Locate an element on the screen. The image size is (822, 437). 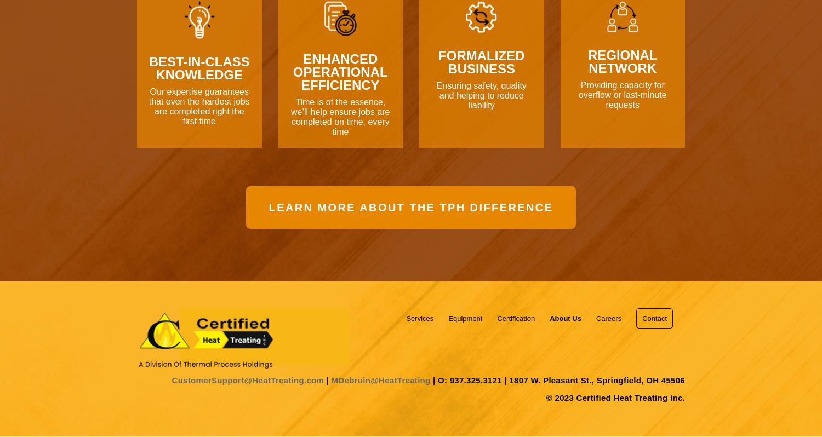
'CustomerSupport@HeatTreating.com' is located at coordinates (171, 380).